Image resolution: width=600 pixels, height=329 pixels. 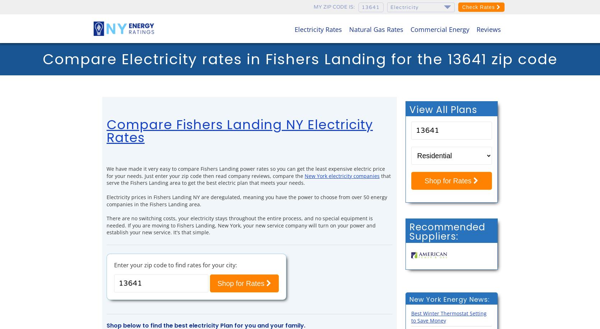 What do you see at coordinates (305, 175) in the screenshot?
I see `'New York electricity companies'` at bounding box center [305, 175].